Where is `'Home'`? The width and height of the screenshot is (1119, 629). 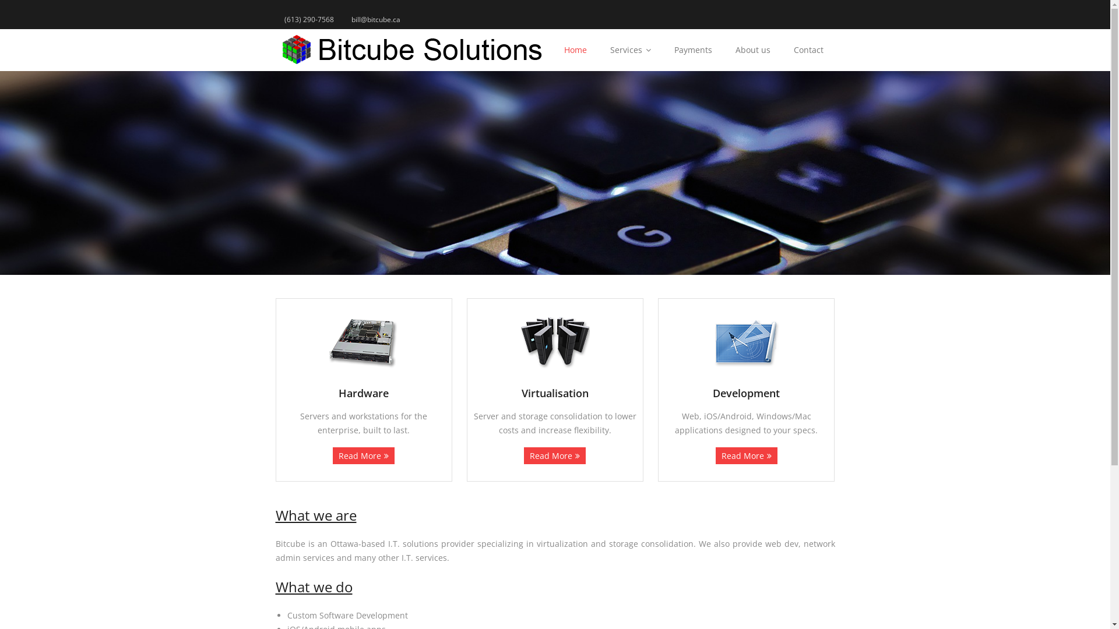
'Home' is located at coordinates (552, 49).